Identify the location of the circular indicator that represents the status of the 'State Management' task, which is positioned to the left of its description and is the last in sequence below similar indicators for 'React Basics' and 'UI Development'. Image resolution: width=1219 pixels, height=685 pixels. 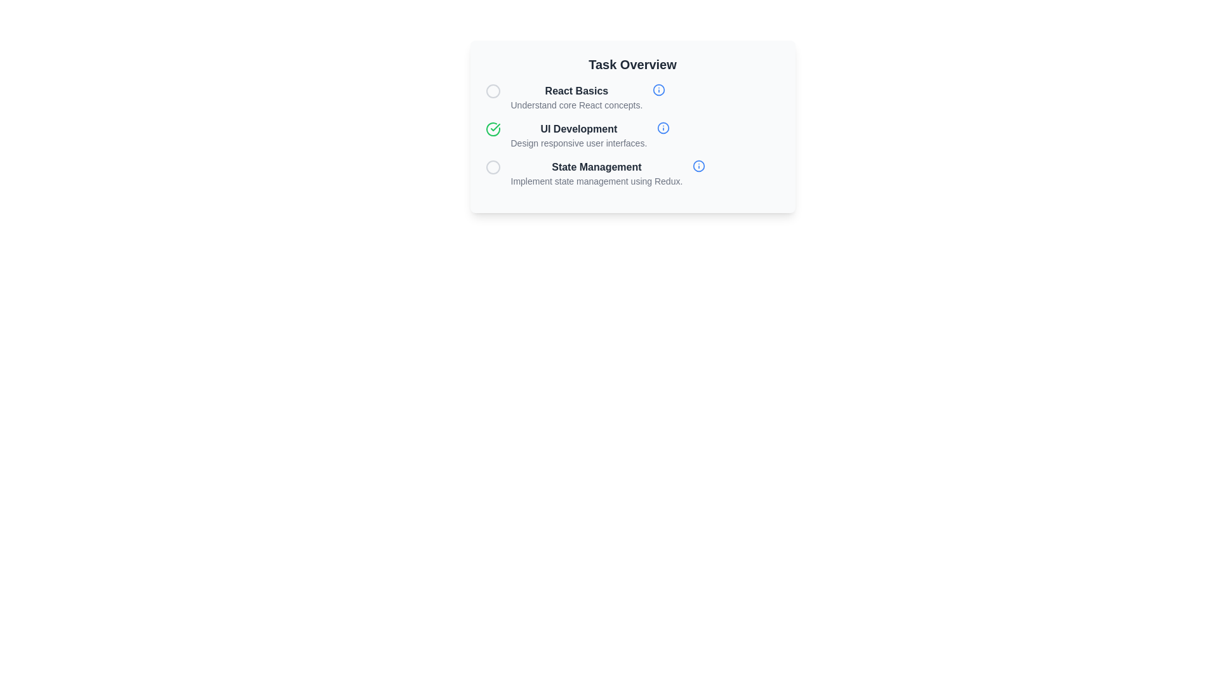
(492, 166).